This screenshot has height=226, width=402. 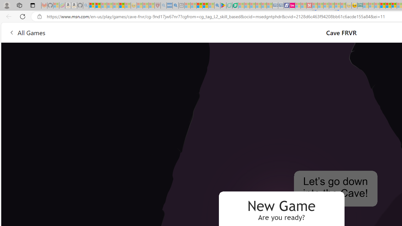 What do you see at coordinates (27, 32) in the screenshot?
I see `'All Games'` at bounding box center [27, 32].